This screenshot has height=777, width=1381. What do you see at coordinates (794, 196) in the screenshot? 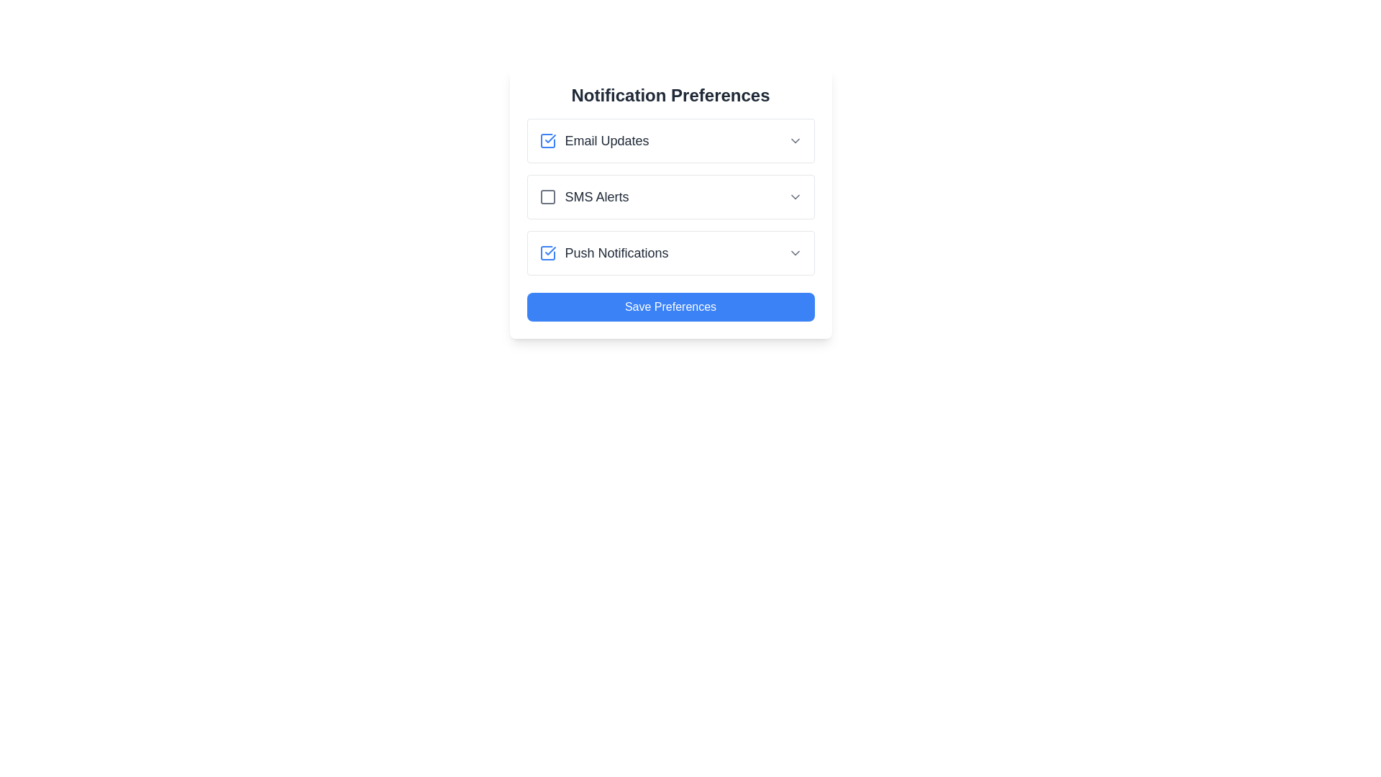
I see `the downward-pointing chevron icon in the 'SMS Alerts' row` at bounding box center [794, 196].